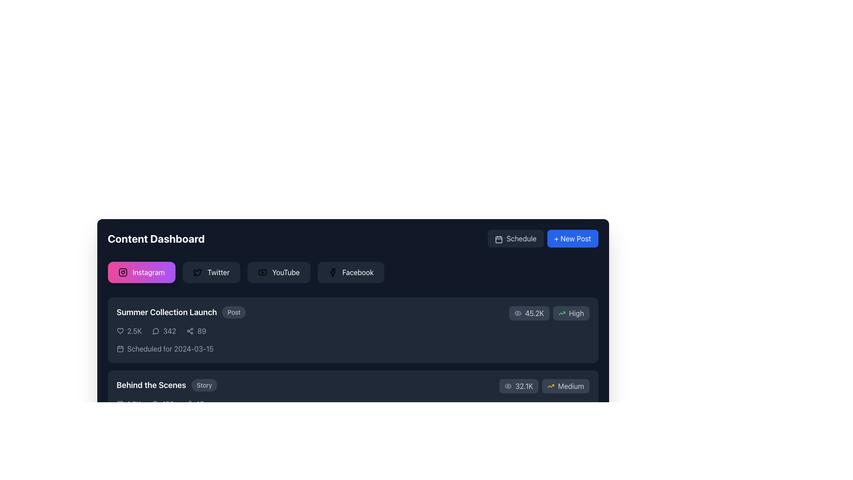 The width and height of the screenshot is (853, 480). Describe the element at coordinates (518, 385) in the screenshot. I see `the Statistical counter button featuring an eye-shaped icon and the text '32.1K' to interact or view details` at that location.